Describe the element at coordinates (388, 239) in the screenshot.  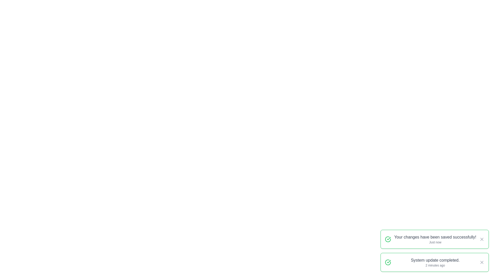
I see `the notification icon to visually inspect it` at that location.